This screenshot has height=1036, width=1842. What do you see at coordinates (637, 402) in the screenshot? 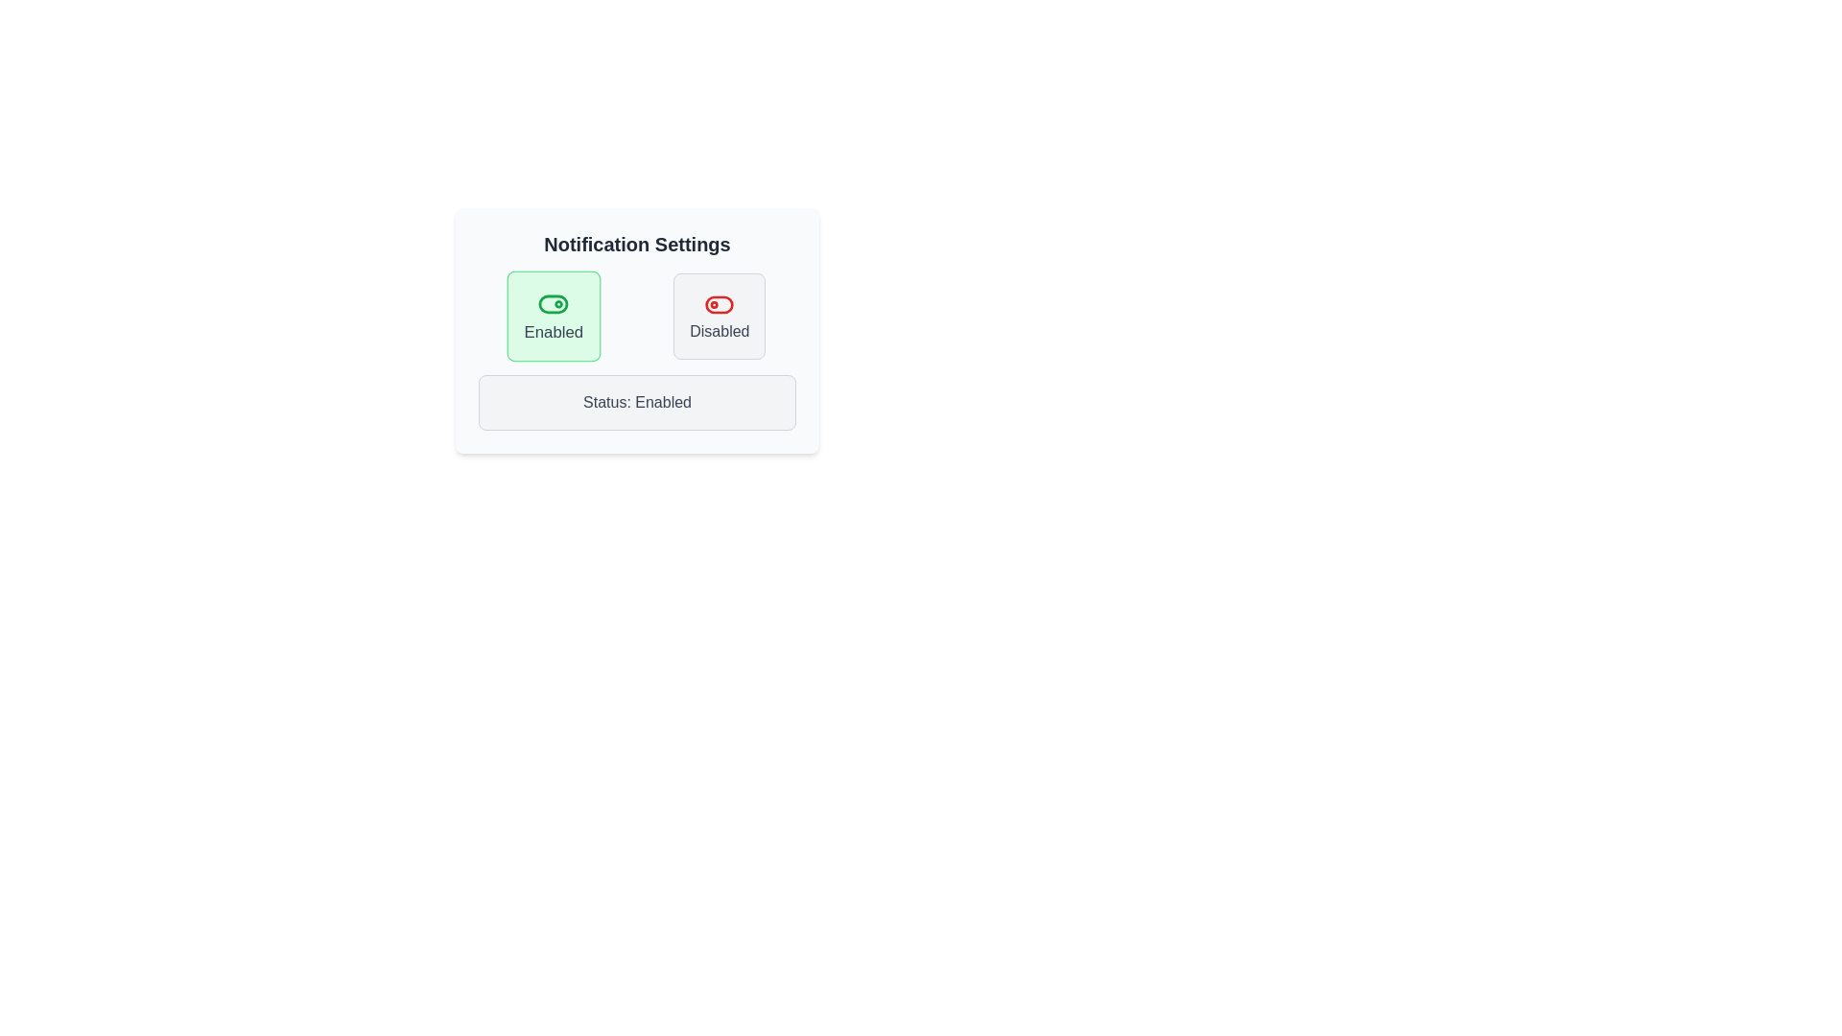
I see `the static text label indicating the current status, which is 'Enabled', located beneath the 'Notification Settings' heading and near the toggle buttons` at bounding box center [637, 402].